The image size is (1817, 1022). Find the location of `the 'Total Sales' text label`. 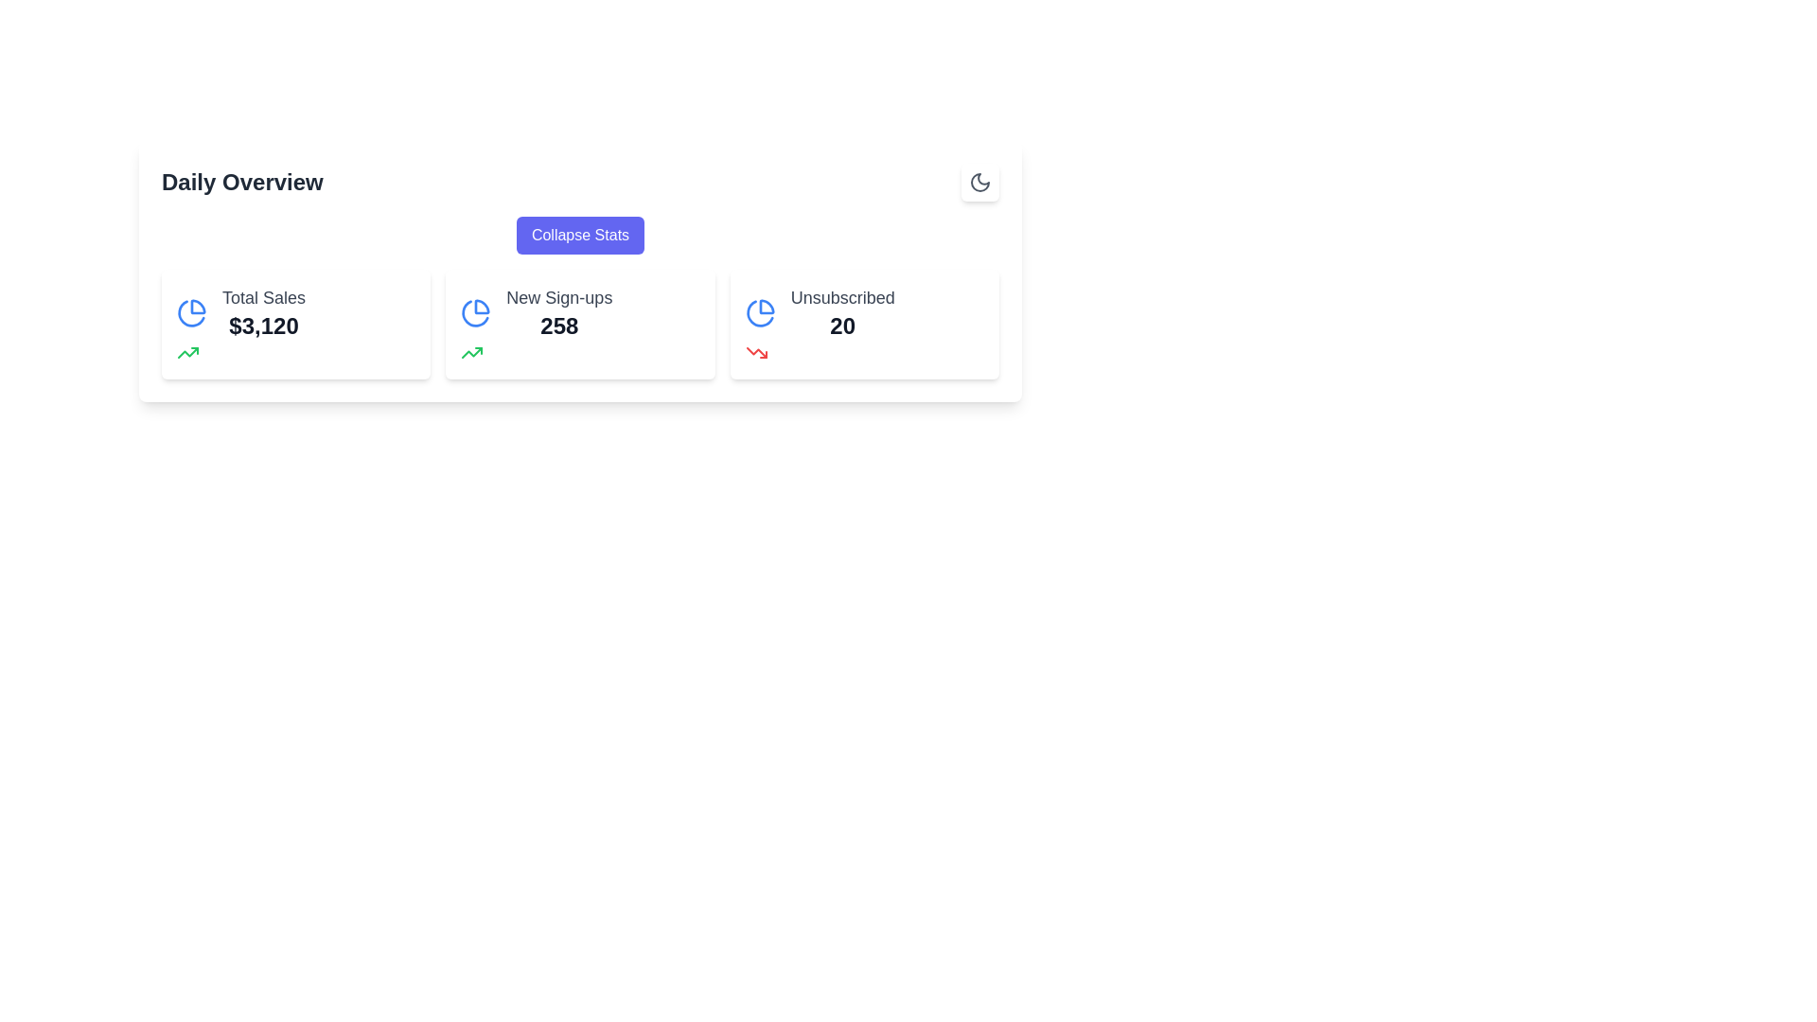

the 'Total Sales' text label is located at coordinates (262, 298).